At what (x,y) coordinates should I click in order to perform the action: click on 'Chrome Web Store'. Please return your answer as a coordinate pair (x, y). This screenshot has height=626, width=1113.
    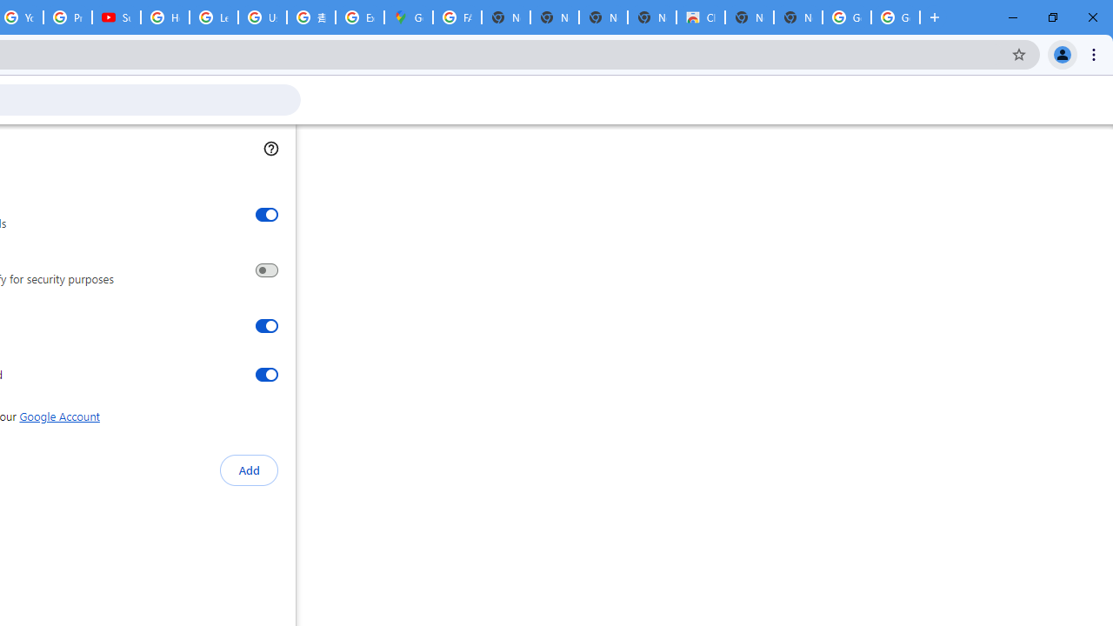
    Looking at the image, I should click on (701, 17).